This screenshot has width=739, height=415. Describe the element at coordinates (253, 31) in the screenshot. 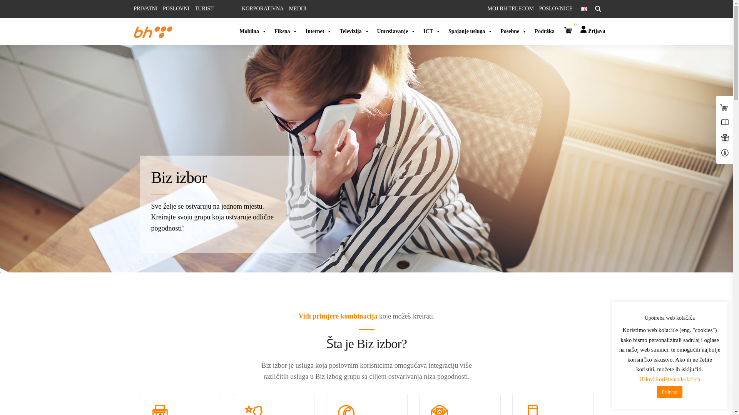

I see `'Mobilna'` at that location.